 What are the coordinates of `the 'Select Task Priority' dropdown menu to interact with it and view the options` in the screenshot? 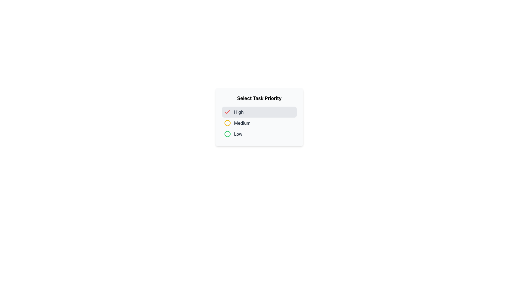 It's located at (259, 117).